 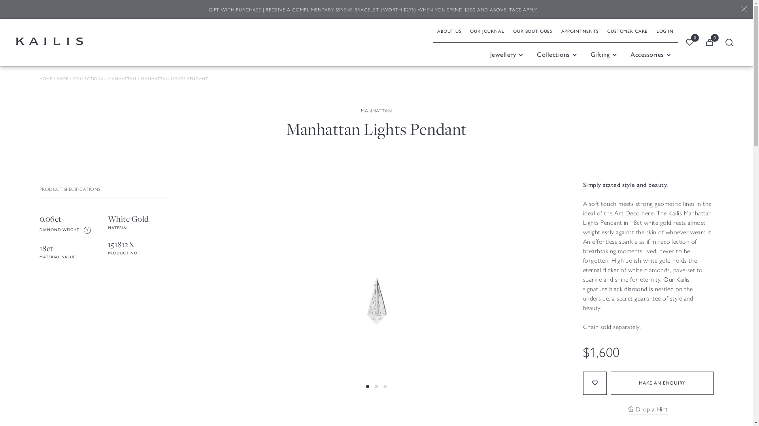 What do you see at coordinates (557, 54) in the screenshot?
I see `'Collections'` at bounding box center [557, 54].